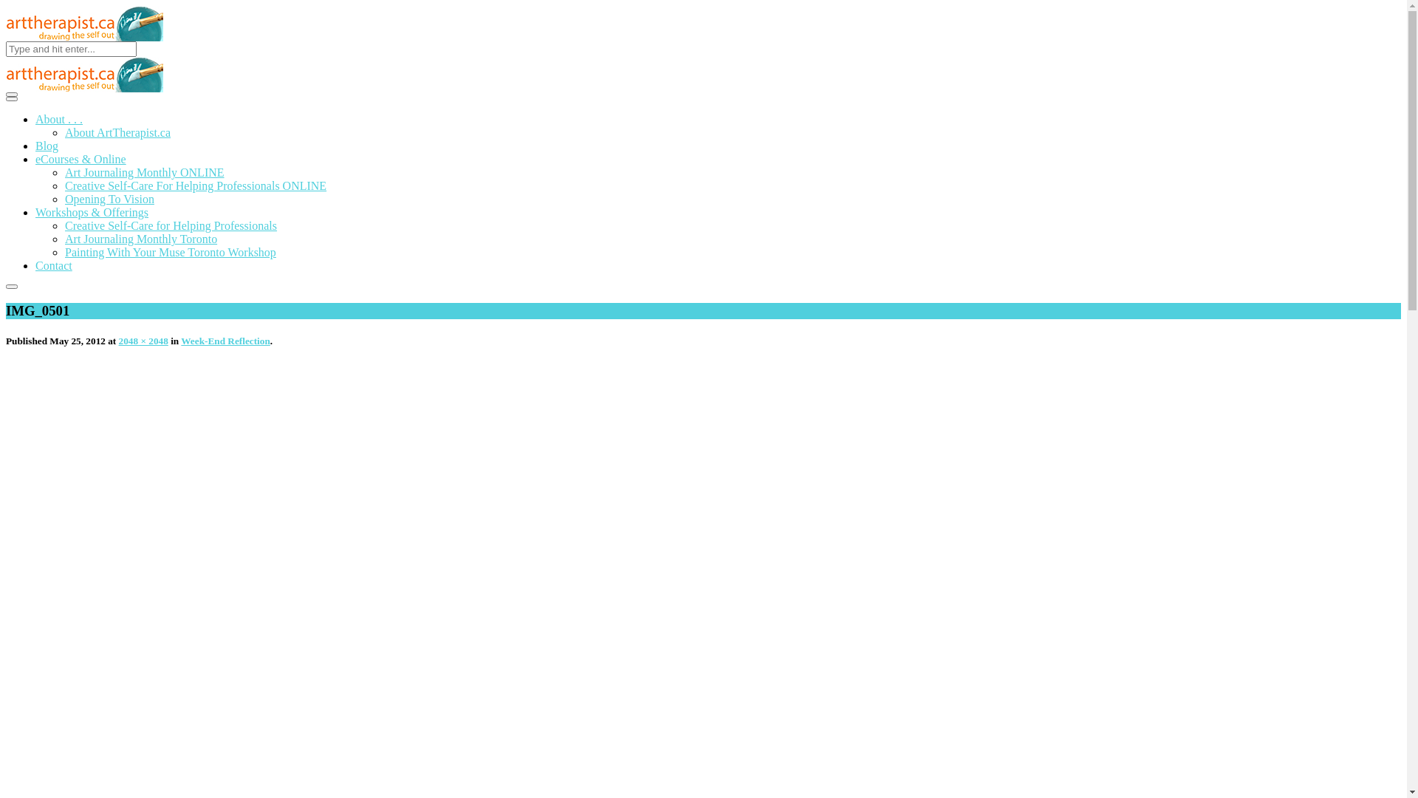 This screenshot has width=1418, height=798. Describe the element at coordinates (141, 238) in the screenshot. I see `'Art Journaling Monthly Toronto'` at that location.